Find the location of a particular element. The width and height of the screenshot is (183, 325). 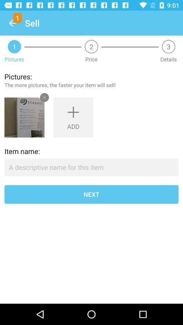

or delete picture is located at coordinates (24, 117).